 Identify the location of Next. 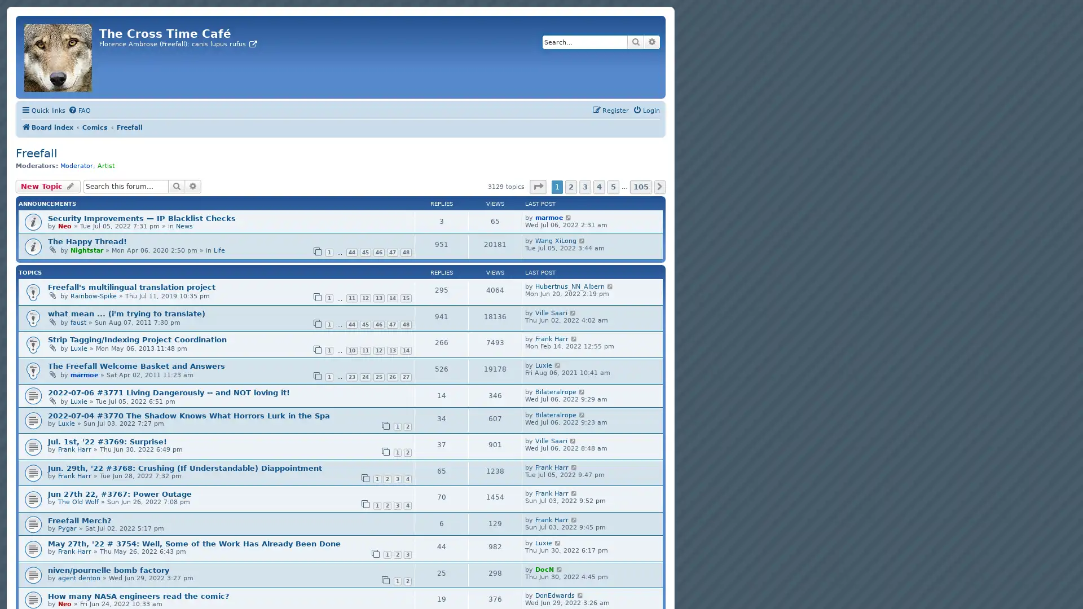
(660, 186).